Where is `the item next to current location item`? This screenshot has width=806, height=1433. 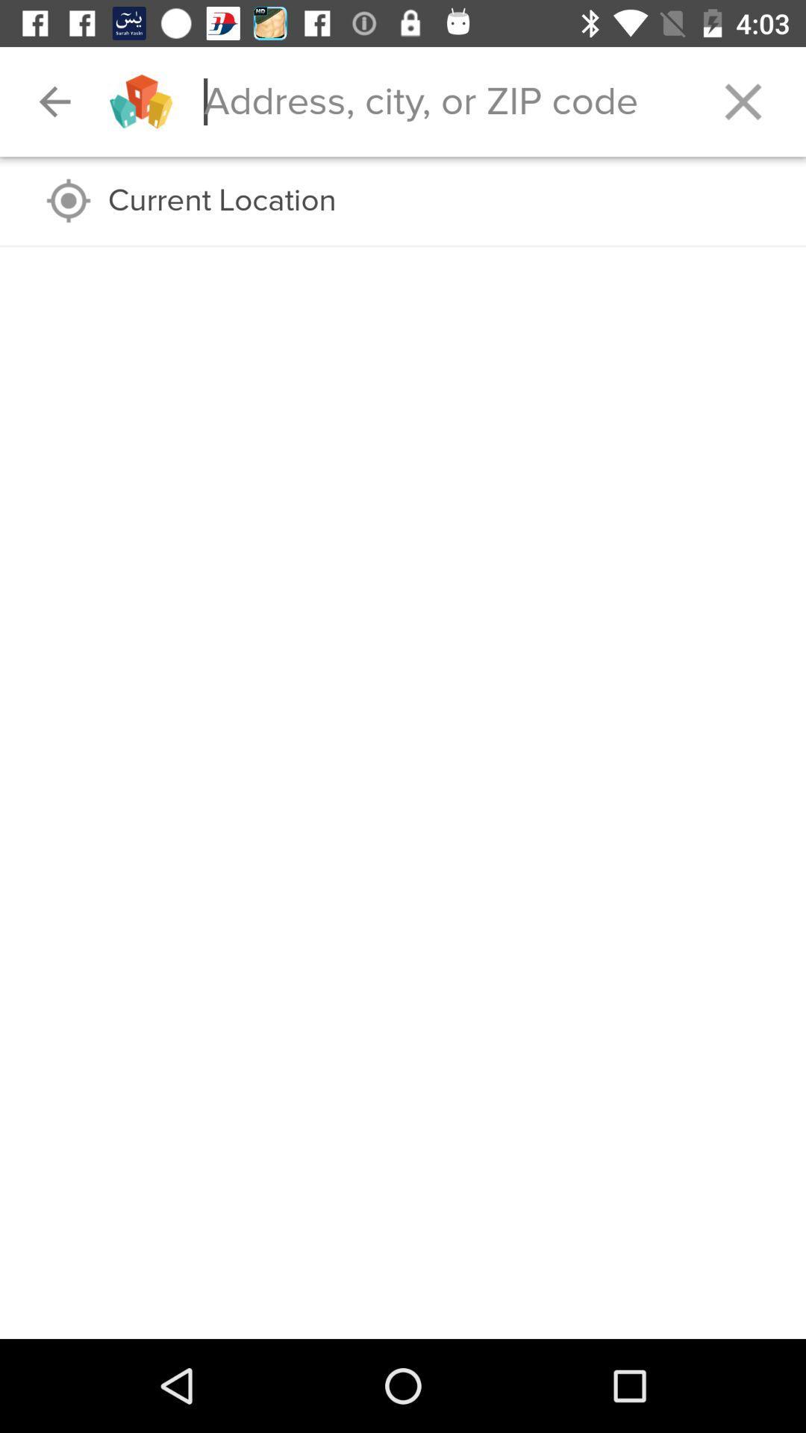 the item next to current location item is located at coordinates (69, 200).